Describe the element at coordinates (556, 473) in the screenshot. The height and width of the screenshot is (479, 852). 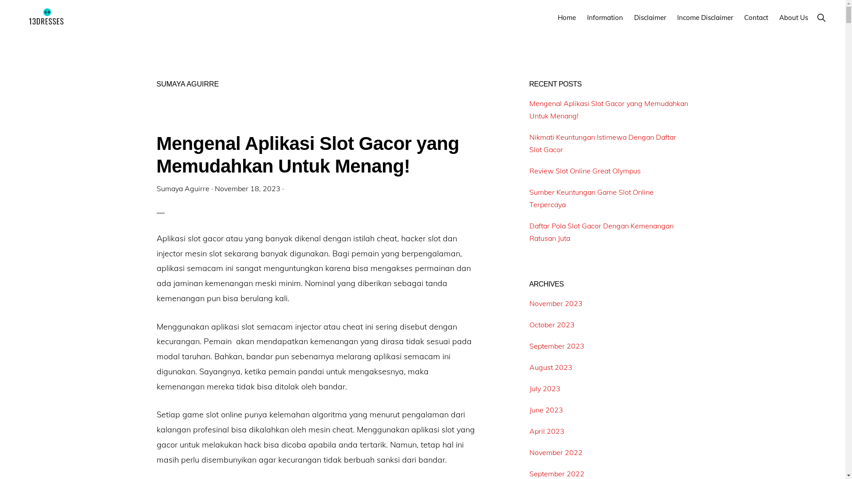
I see `'September 2022'` at that location.